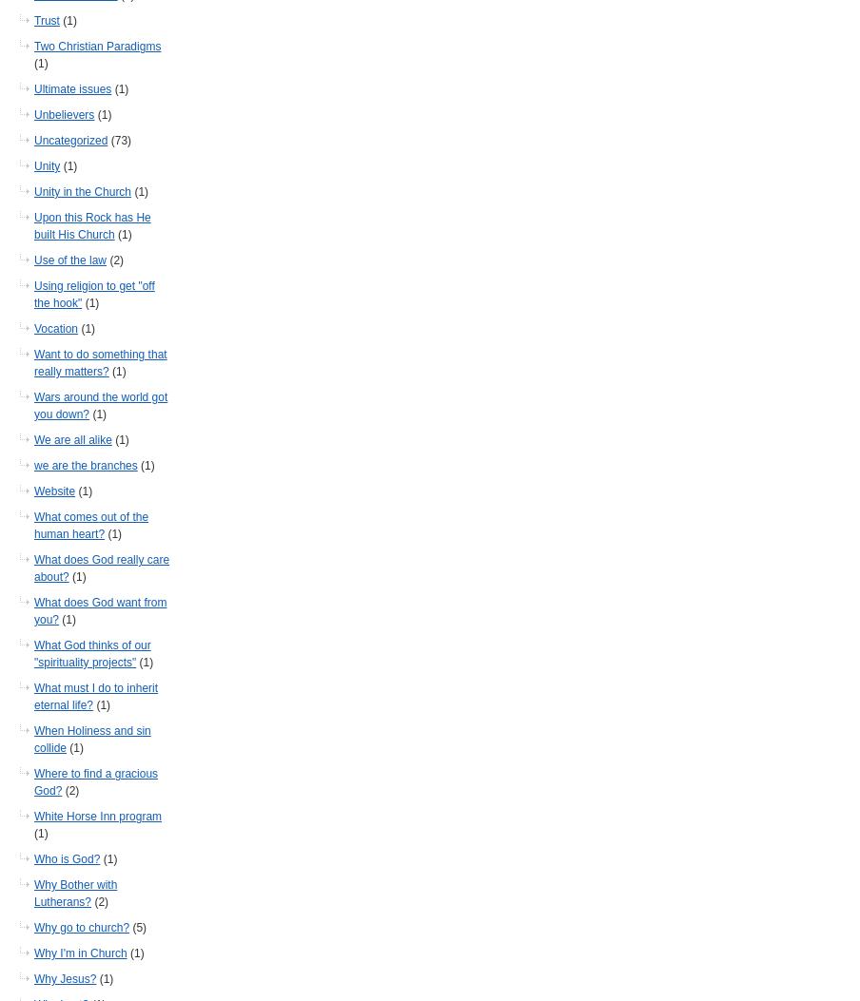 This screenshot has width=860, height=1001. Describe the element at coordinates (137, 928) in the screenshot. I see `'(5)'` at that location.